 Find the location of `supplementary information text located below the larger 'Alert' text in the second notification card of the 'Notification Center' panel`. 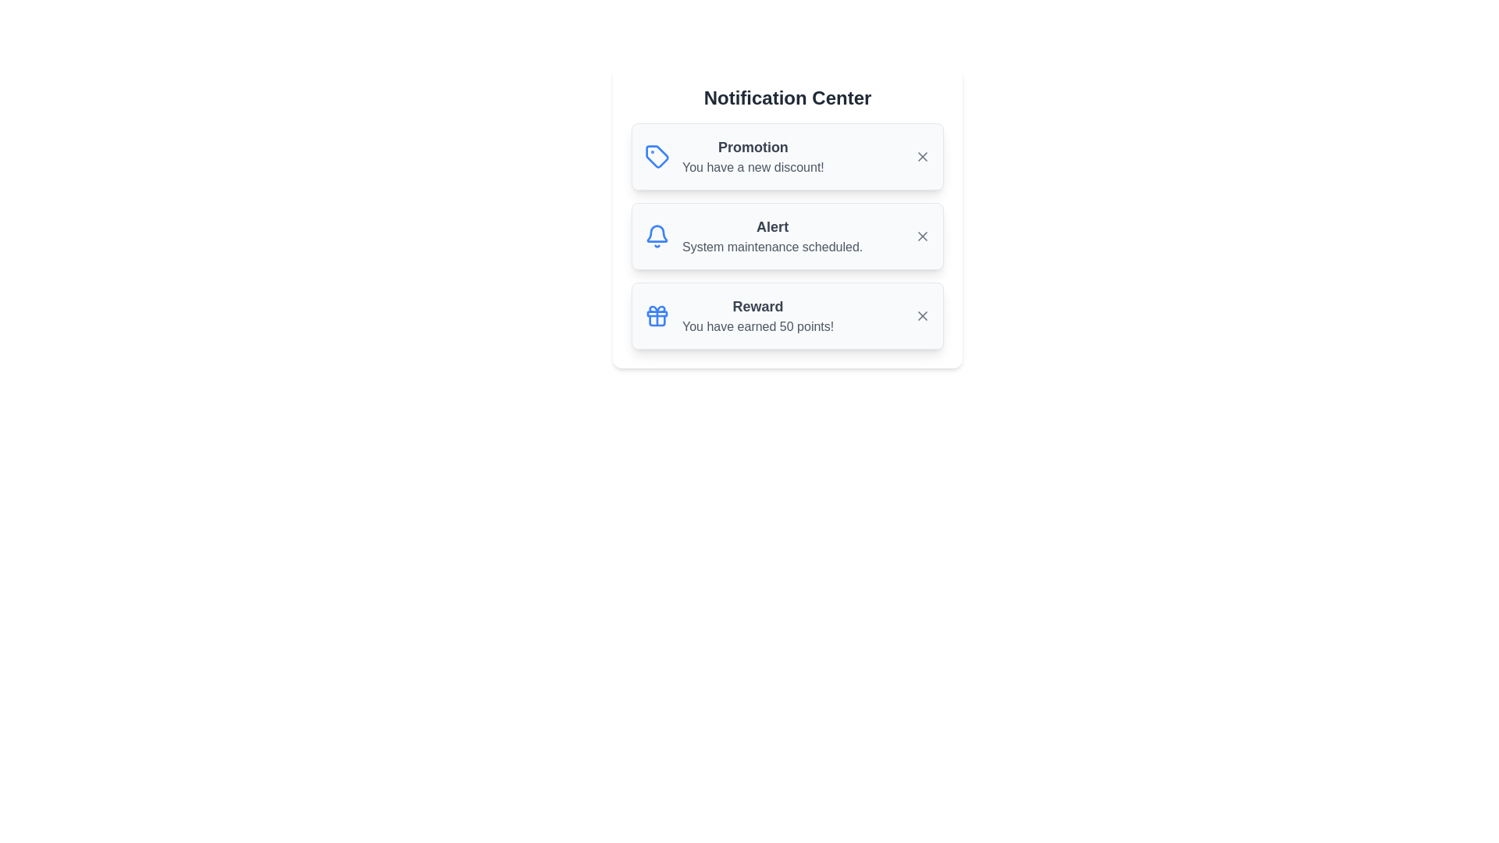

supplementary information text located below the larger 'Alert' text in the second notification card of the 'Notification Center' panel is located at coordinates (772, 246).